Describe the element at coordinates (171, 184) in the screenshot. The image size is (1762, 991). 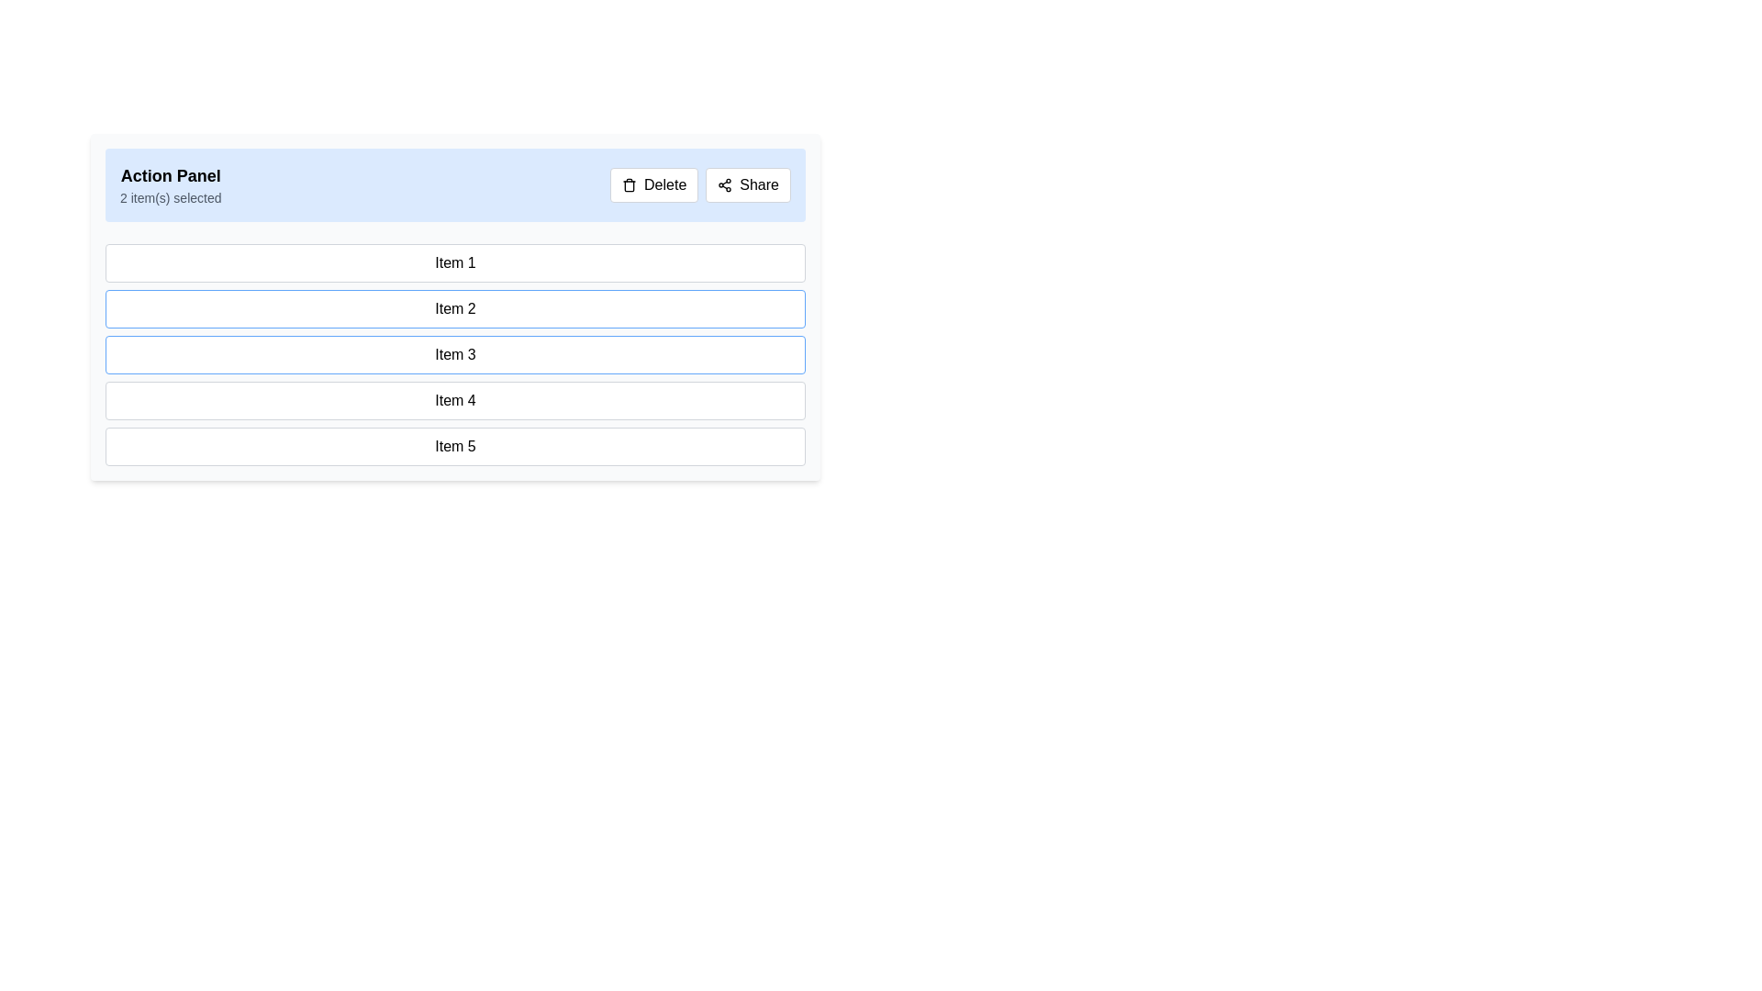
I see `the static text label displaying 'Action Panel' and '2 item(s) selected', which is located on the upper-left side of the light blue header panel` at that location.